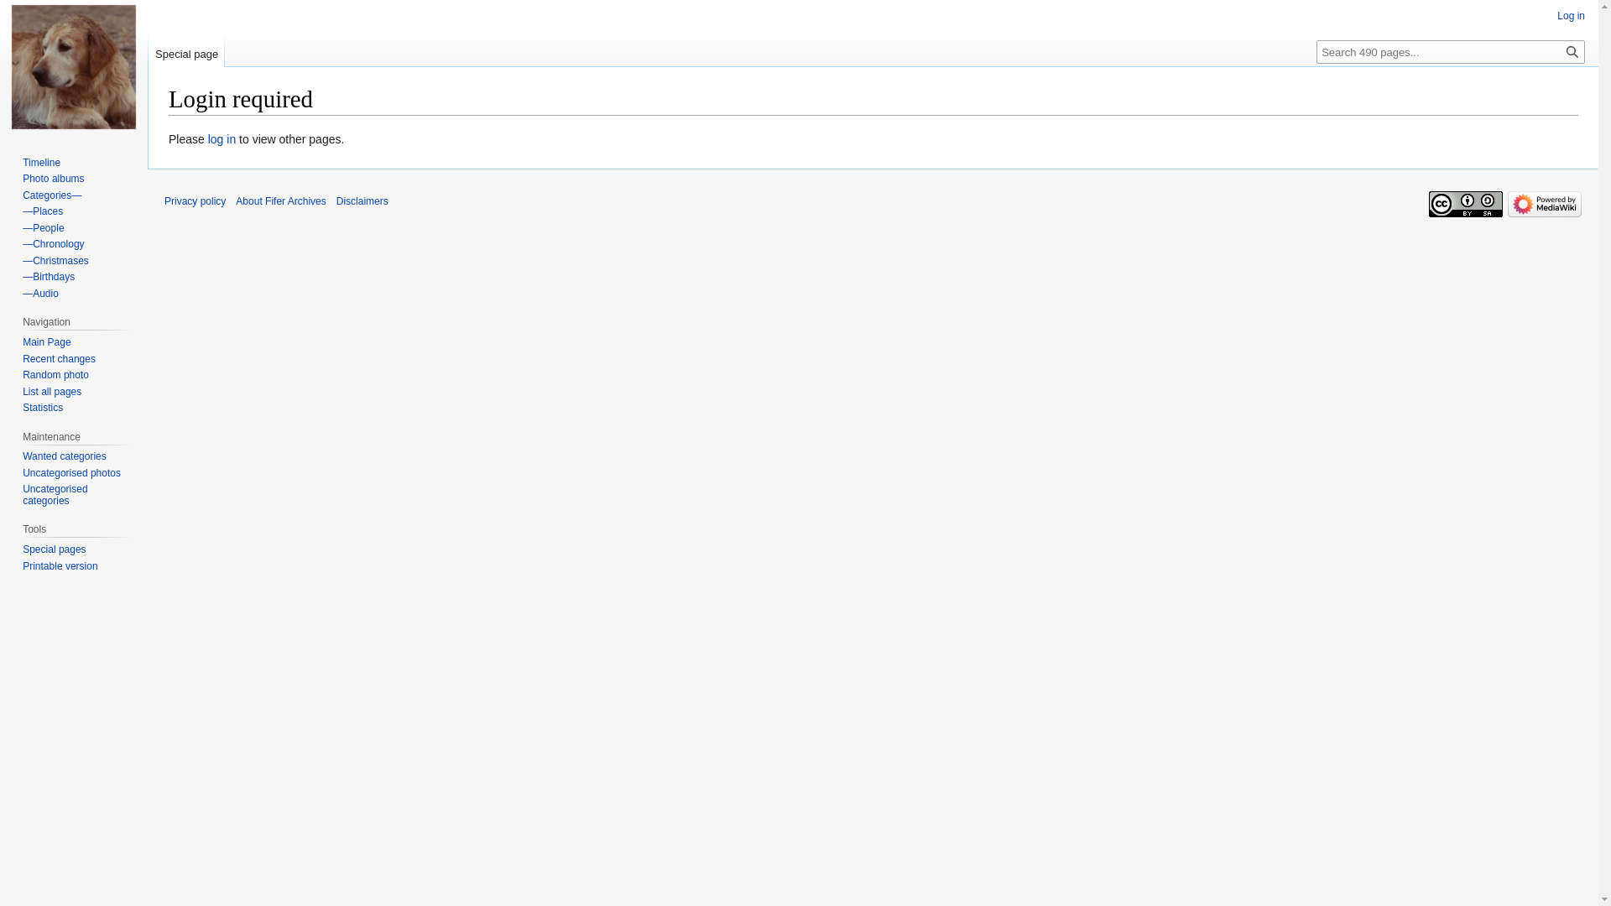 The image size is (1611, 906). Describe the element at coordinates (1560, 50) in the screenshot. I see `'Search pages for this text'` at that location.